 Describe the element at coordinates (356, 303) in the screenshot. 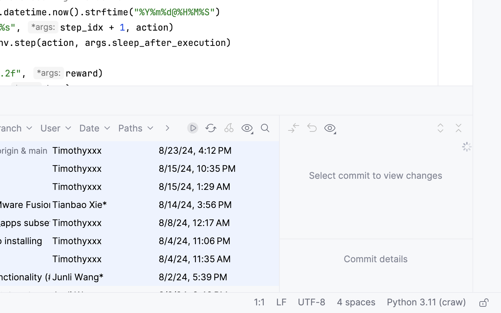

I see `'4 spaces'` at that location.